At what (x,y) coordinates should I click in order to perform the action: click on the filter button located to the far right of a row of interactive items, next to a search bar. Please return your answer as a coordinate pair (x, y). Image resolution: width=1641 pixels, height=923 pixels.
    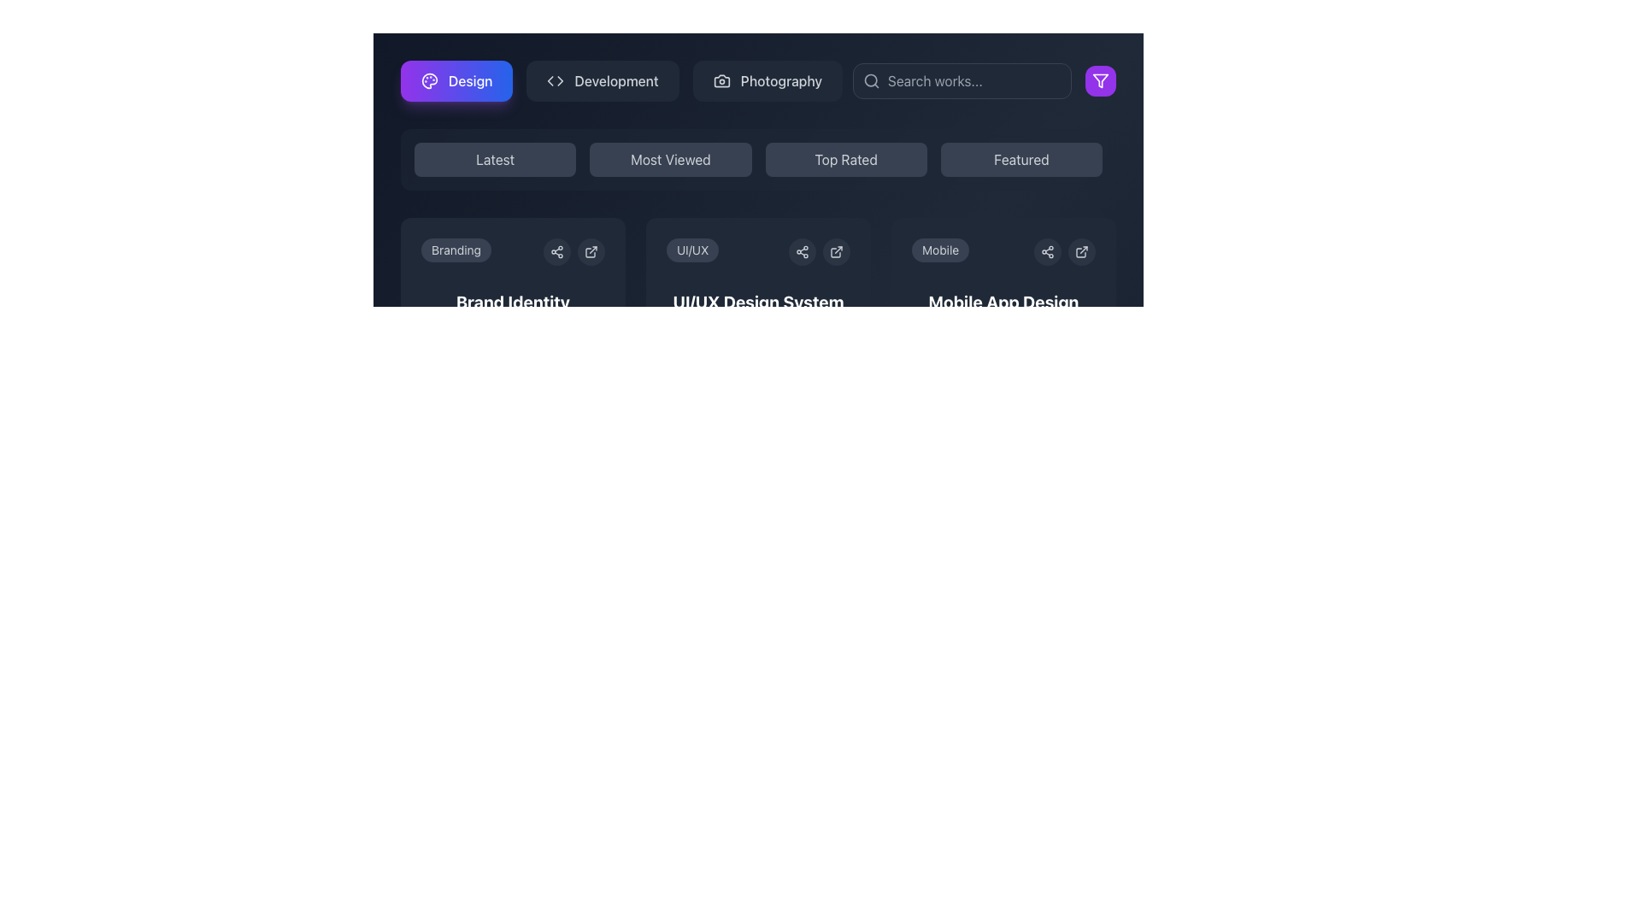
    Looking at the image, I should click on (1100, 81).